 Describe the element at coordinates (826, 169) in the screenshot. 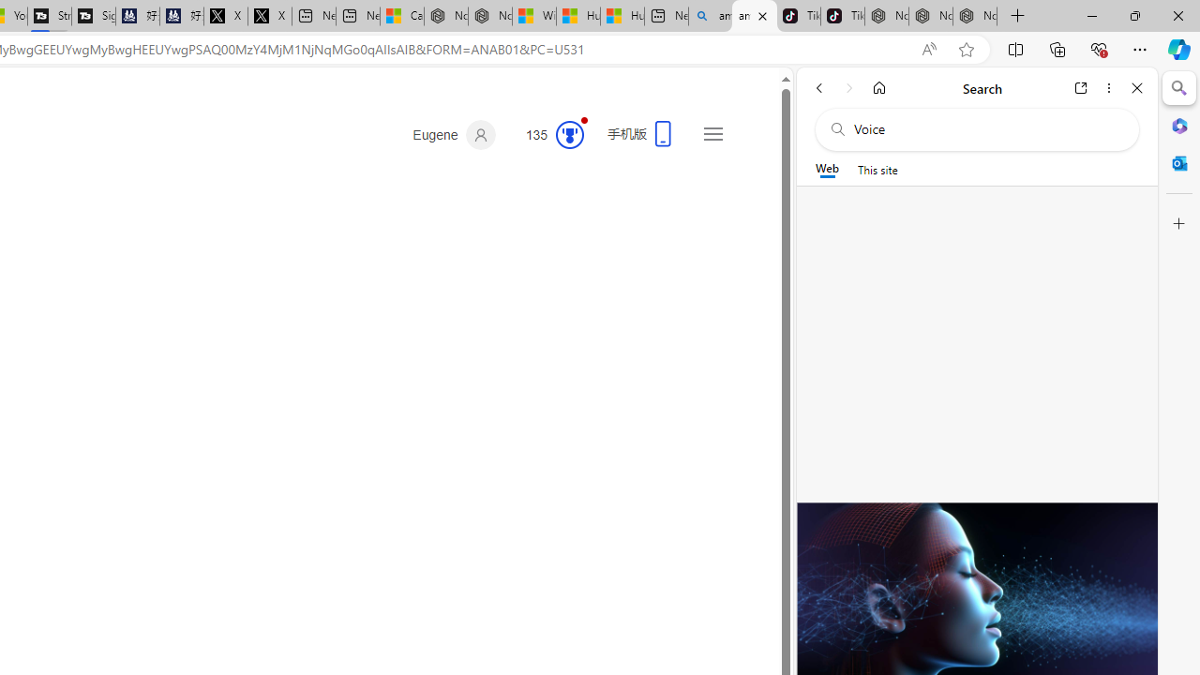

I see `'Web scope'` at that location.